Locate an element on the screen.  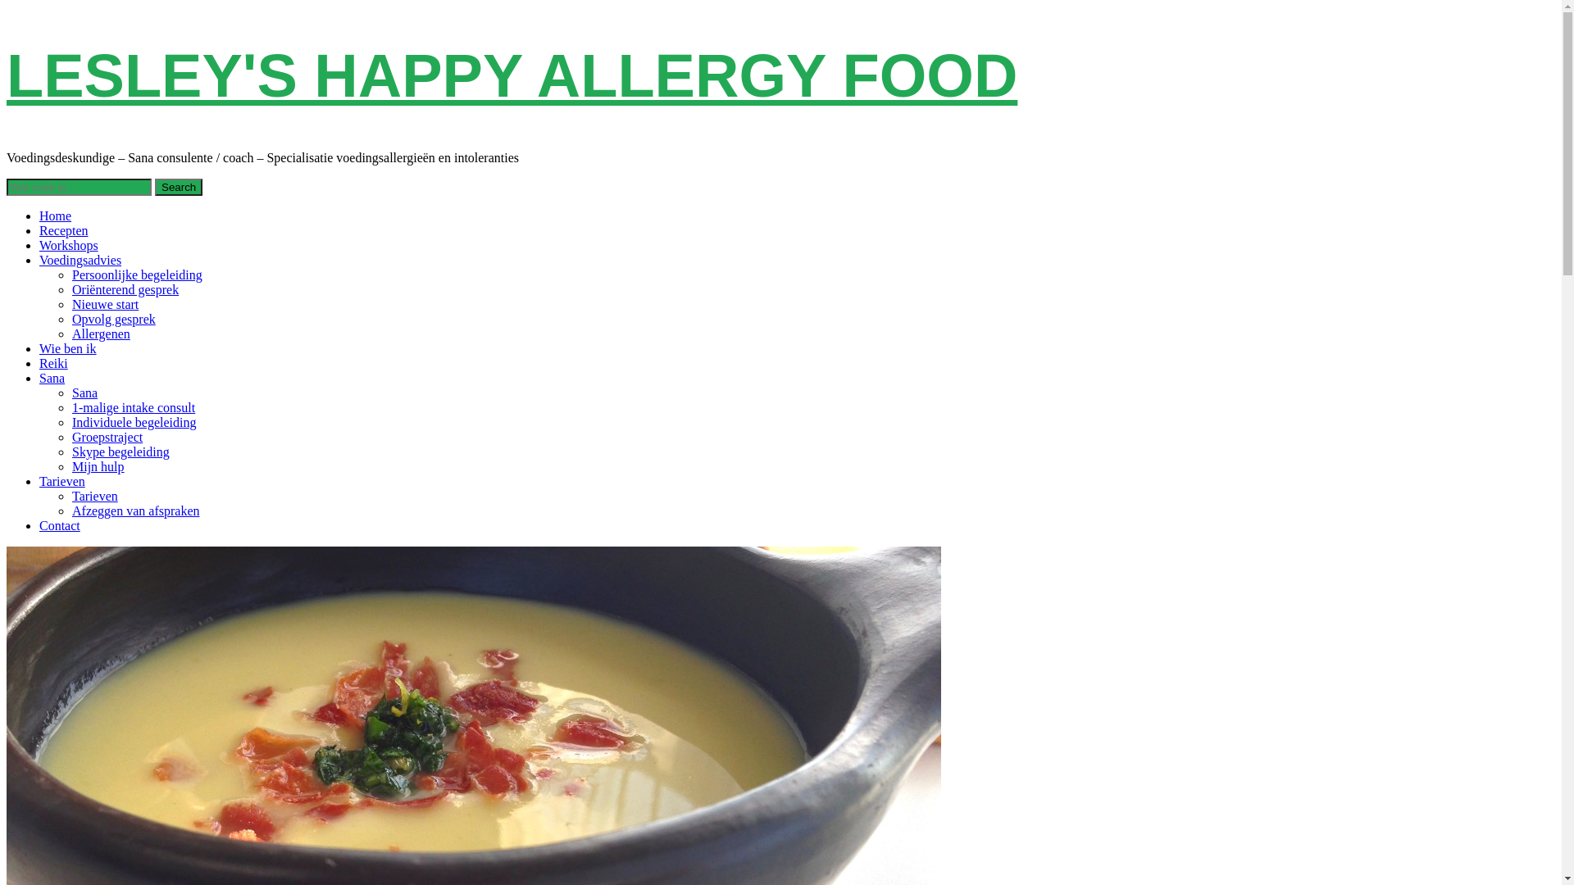
'Wie ben ik' is located at coordinates (66, 347).